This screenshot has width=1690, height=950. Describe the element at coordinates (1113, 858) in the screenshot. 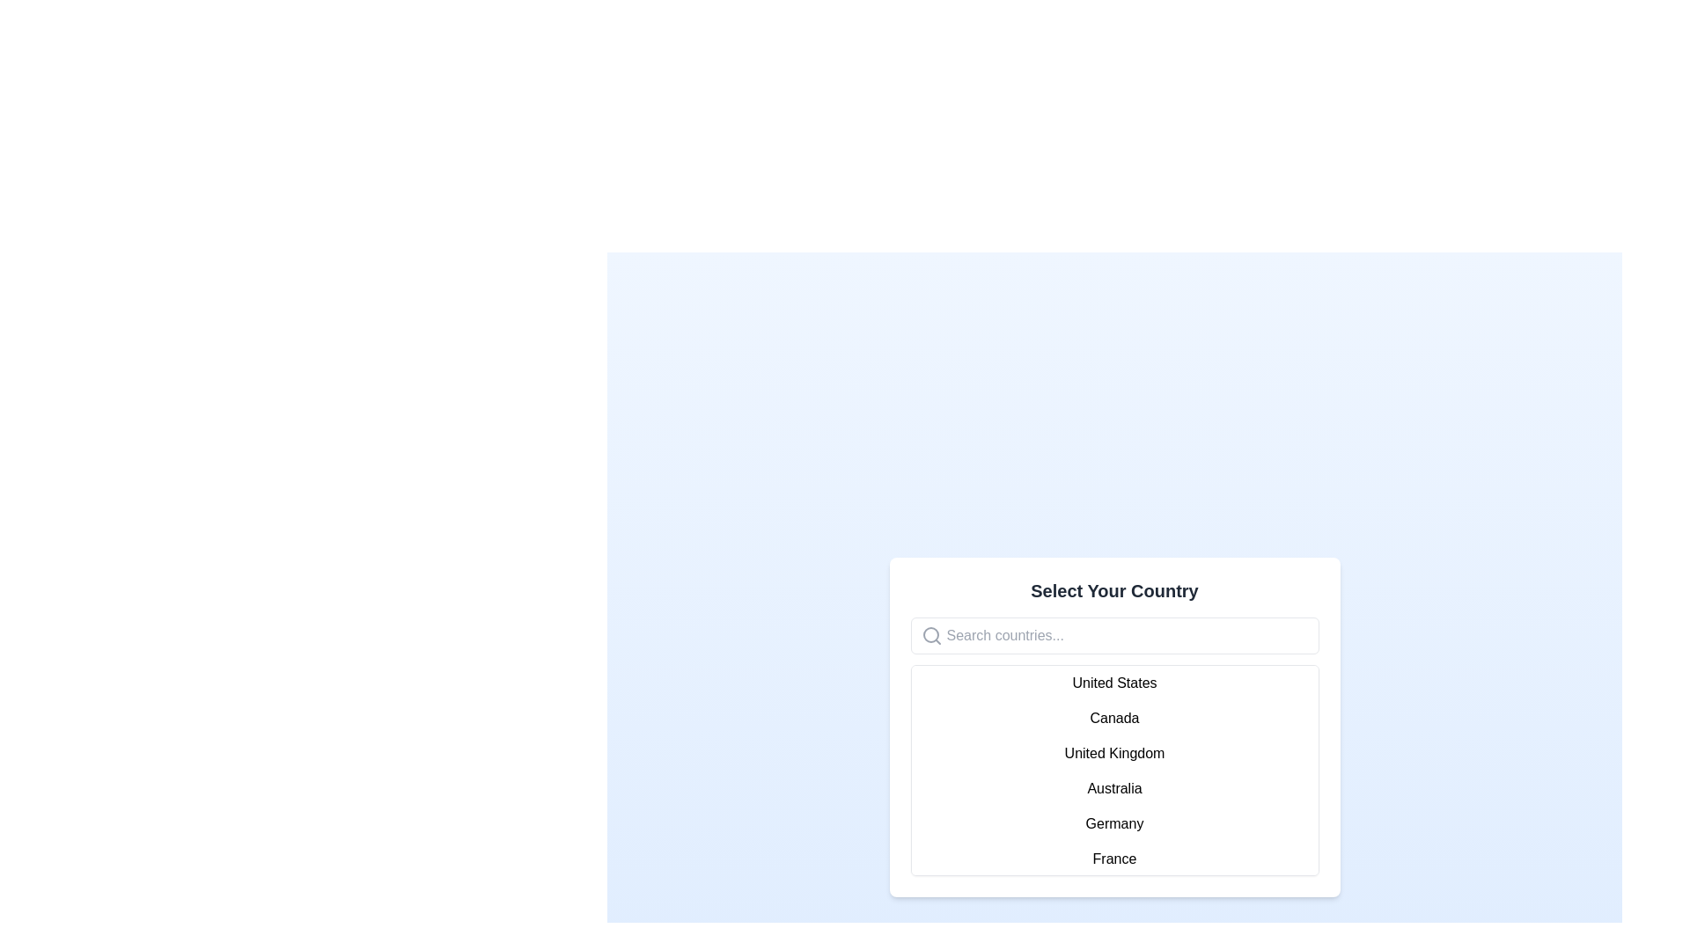

I see `the list item representing the country 'France'` at that location.